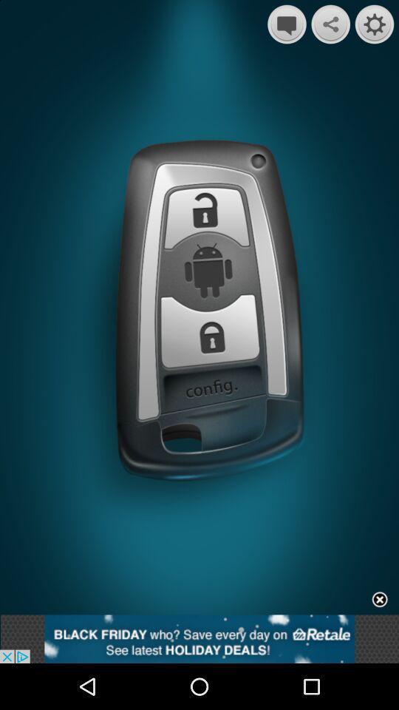 Image resolution: width=399 pixels, height=710 pixels. Describe the element at coordinates (205, 235) in the screenshot. I see `the lock icon` at that location.